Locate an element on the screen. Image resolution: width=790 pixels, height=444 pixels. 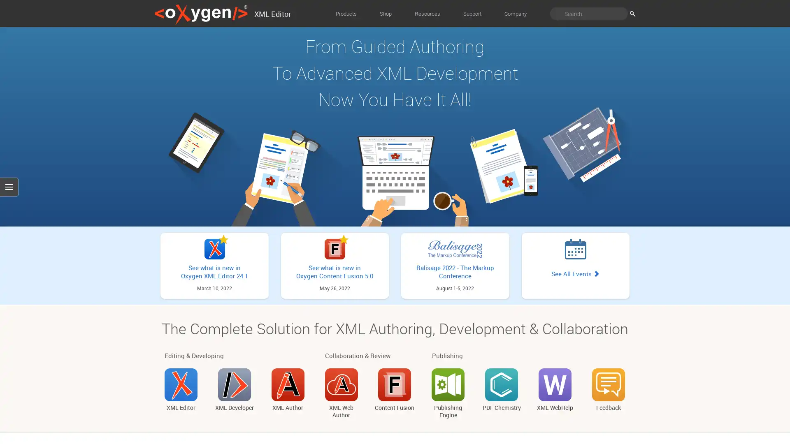
Search is located at coordinates (632, 13).